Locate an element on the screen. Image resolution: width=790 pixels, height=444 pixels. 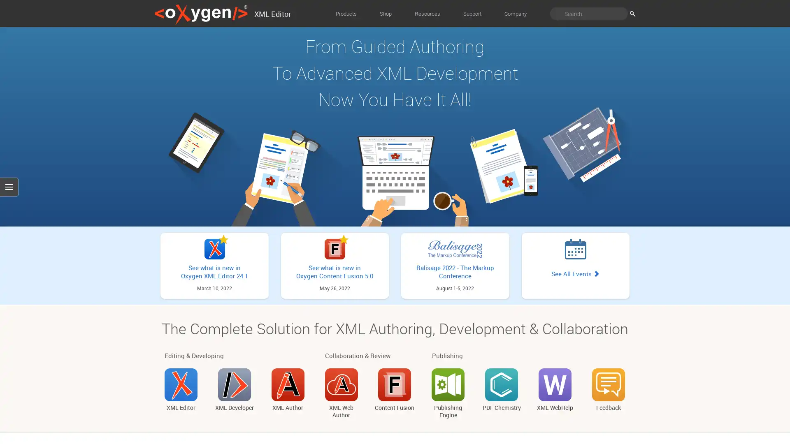
Search is located at coordinates (632, 13).